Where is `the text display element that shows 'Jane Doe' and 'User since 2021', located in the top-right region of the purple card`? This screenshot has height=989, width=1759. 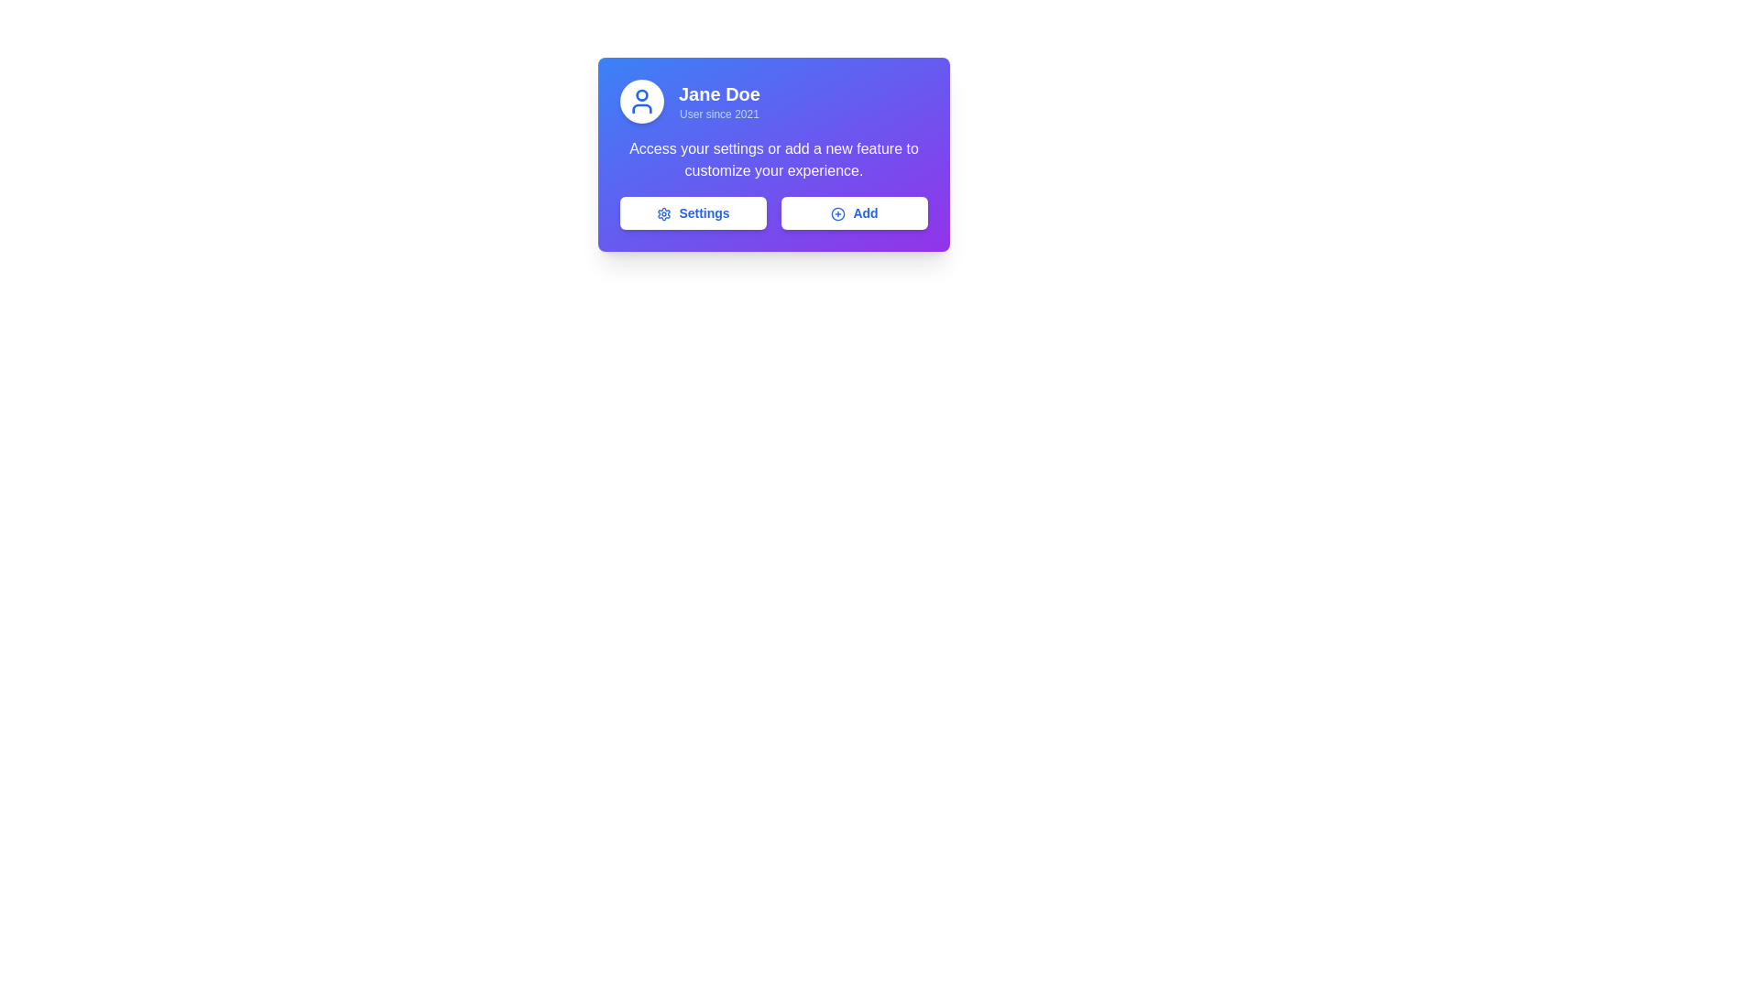
the text display element that shows 'Jane Doe' and 'User since 2021', located in the top-right region of the purple card is located at coordinates (718, 102).